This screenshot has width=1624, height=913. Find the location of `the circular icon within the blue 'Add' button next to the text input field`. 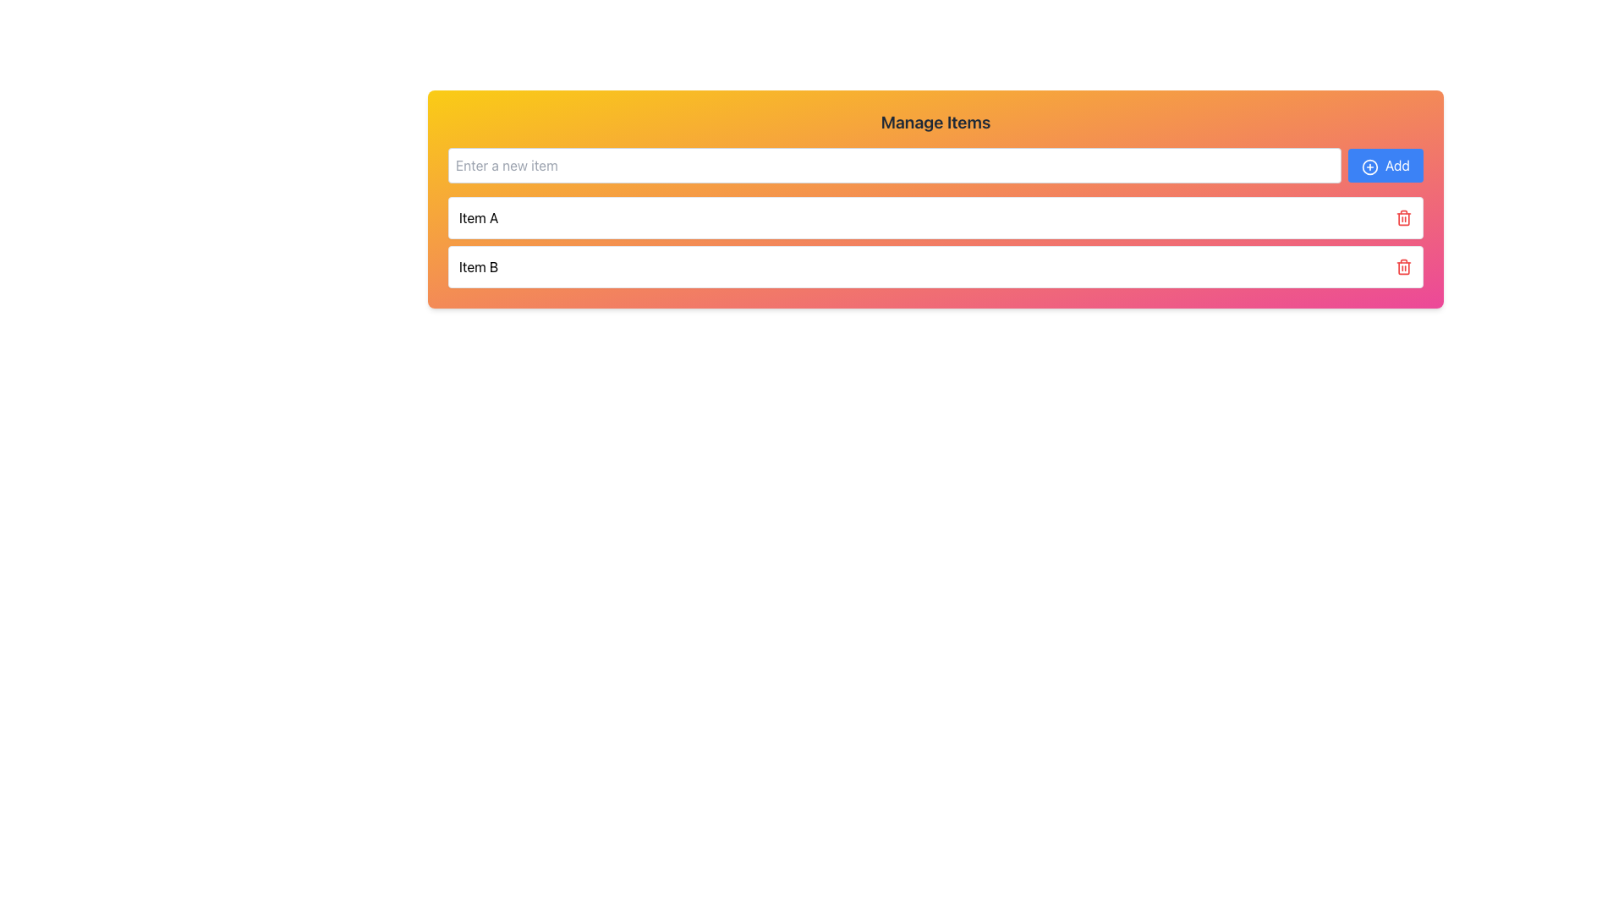

the circular icon within the blue 'Add' button next to the text input field is located at coordinates (1369, 167).